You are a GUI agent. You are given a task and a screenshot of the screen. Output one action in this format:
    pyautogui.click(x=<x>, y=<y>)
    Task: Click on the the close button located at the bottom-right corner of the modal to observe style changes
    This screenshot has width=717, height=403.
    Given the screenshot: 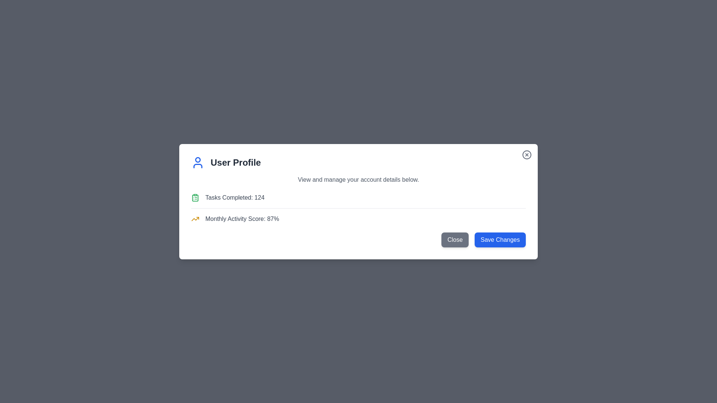 What is the action you would take?
    pyautogui.click(x=454, y=240)
    